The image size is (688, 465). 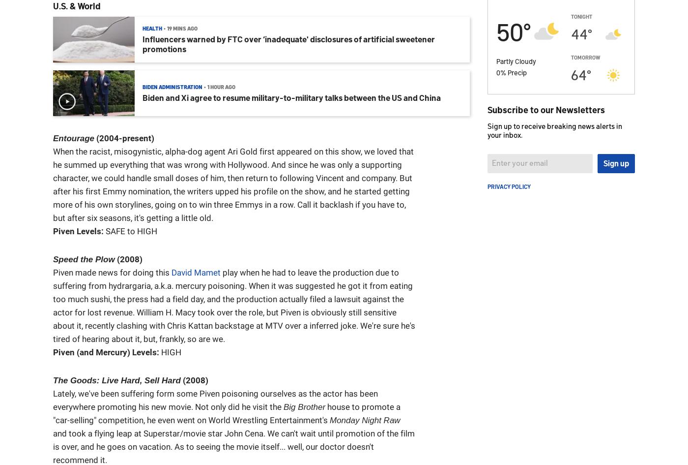 I want to click on 'Biden and Xi agree to resume military-to-military talks between the US and China', so click(x=291, y=97).